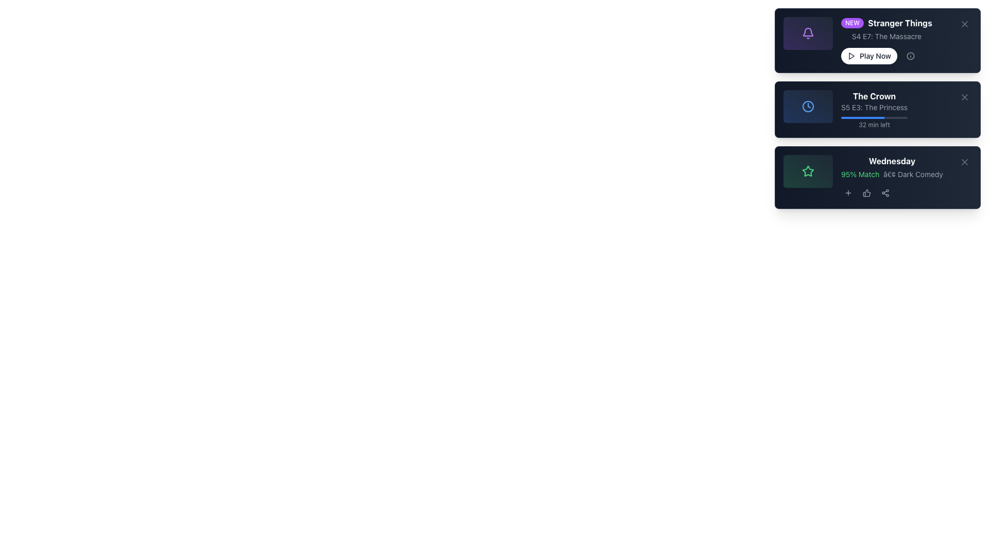 The width and height of the screenshot is (989, 556). What do you see at coordinates (874, 123) in the screenshot?
I see `the text label indicating the remaining duration of the episode 'S5 E3: The Princess' located beneath the episode title, aligned with the progress bar` at bounding box center [874, 123].